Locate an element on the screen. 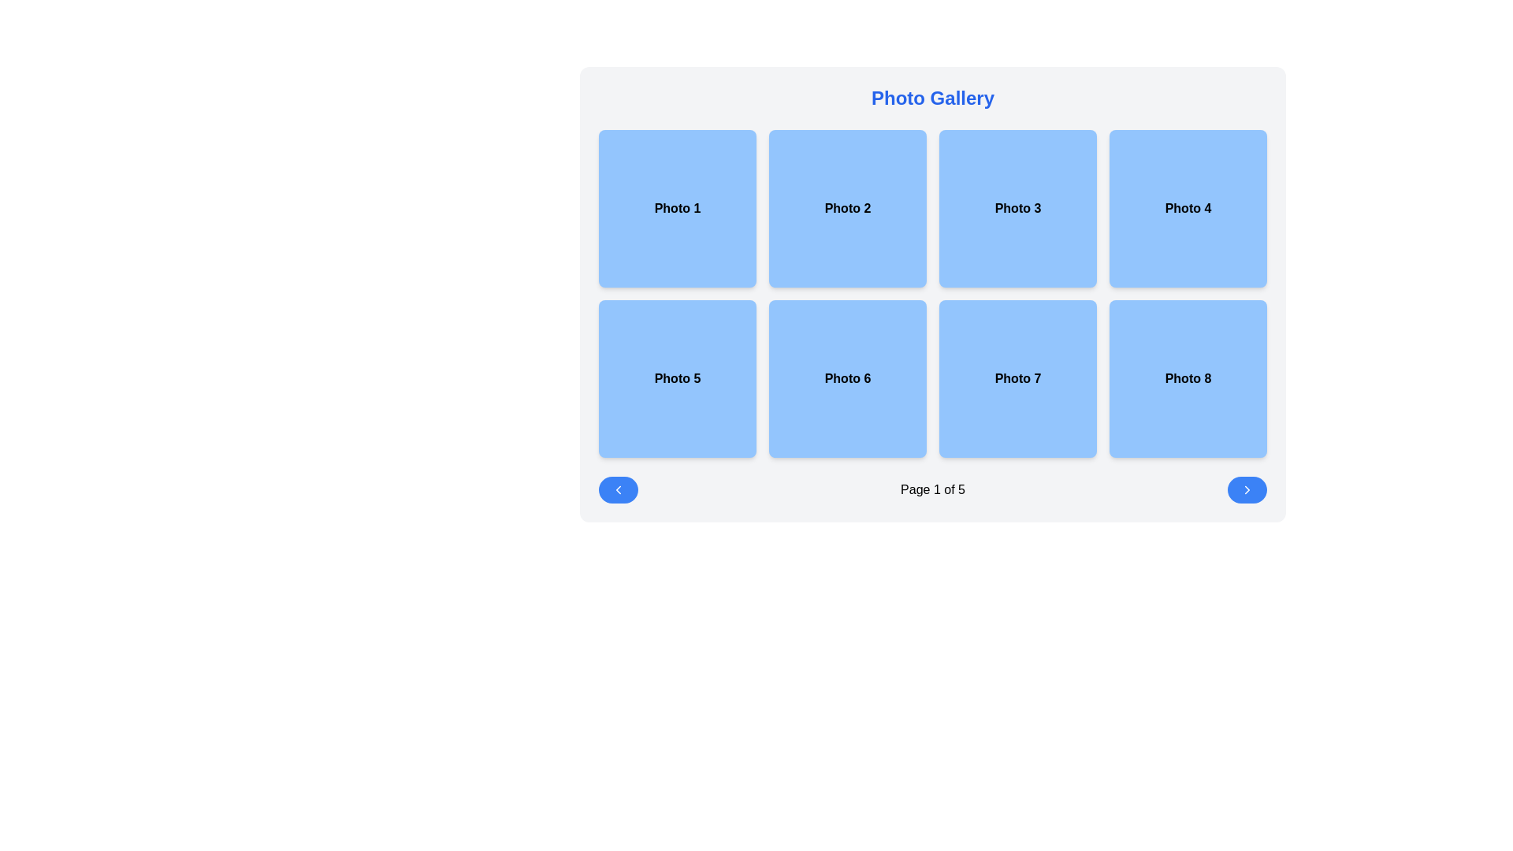  the chevron icon located within the round, blue button in the bottom-right corner of the interface is located at coordinates (1247, 489).